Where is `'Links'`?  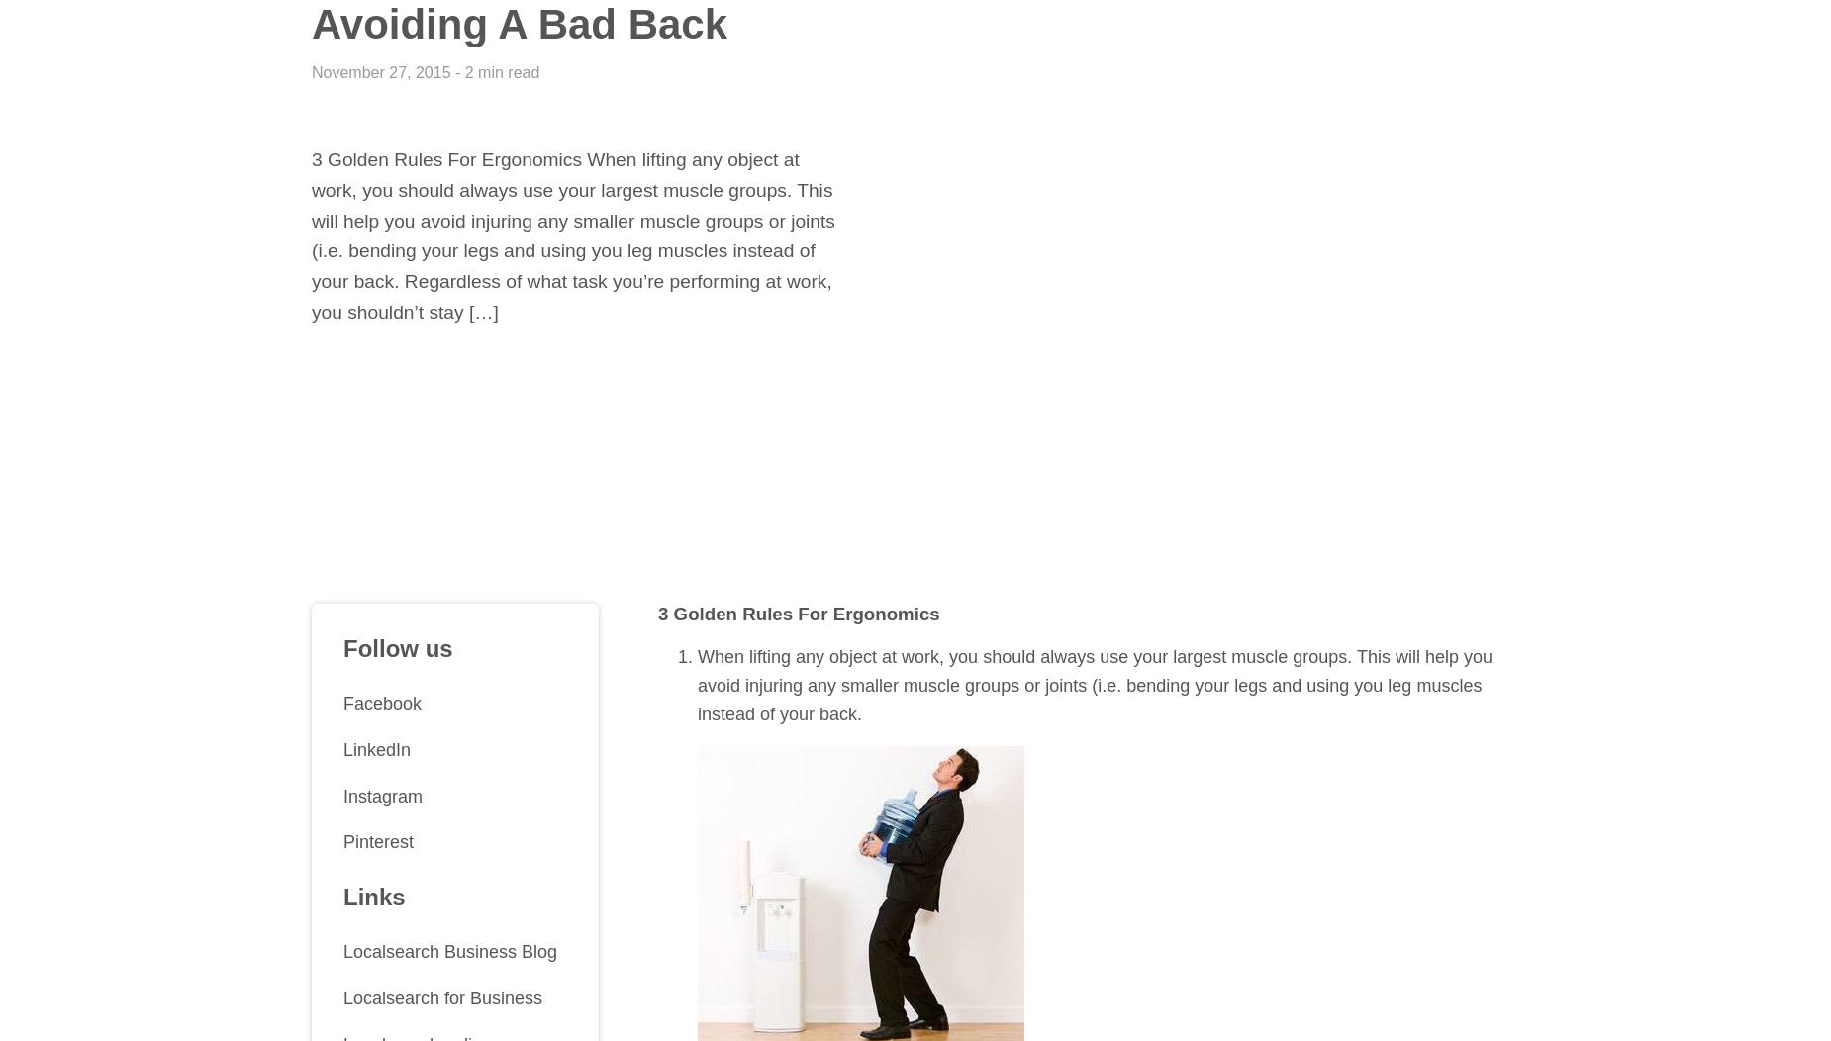 'Links' is located at coordinates (342, 897).